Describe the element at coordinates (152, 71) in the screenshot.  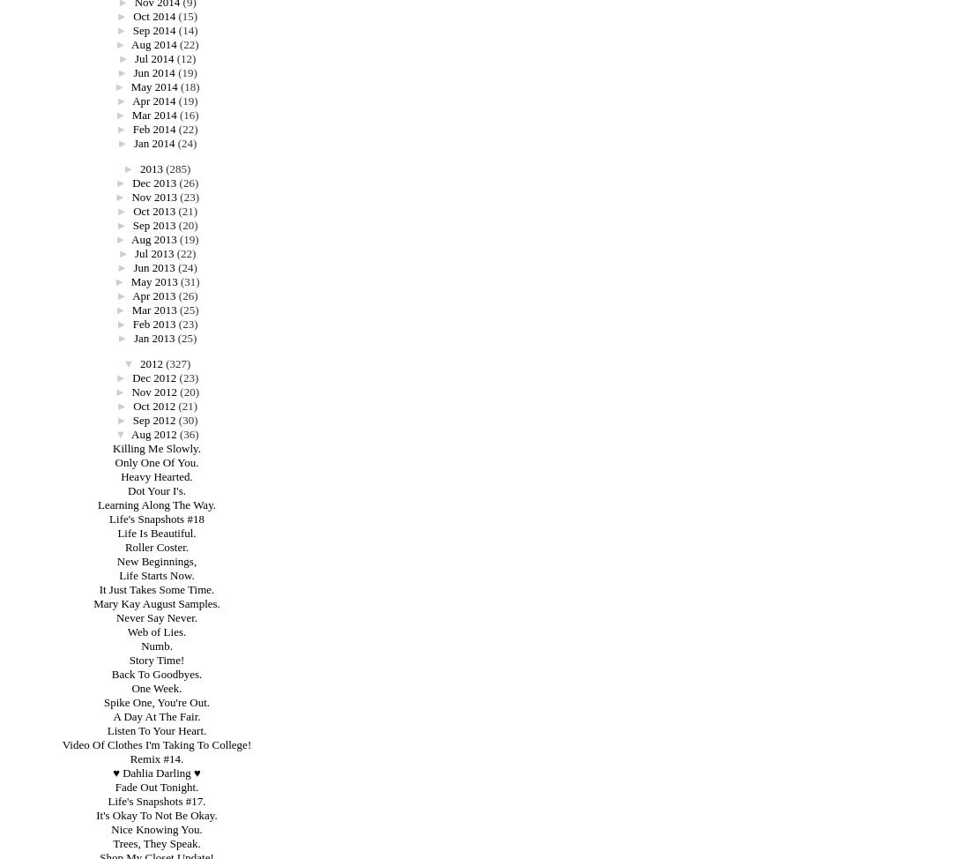
I see `'Jun 2014'` at that location.